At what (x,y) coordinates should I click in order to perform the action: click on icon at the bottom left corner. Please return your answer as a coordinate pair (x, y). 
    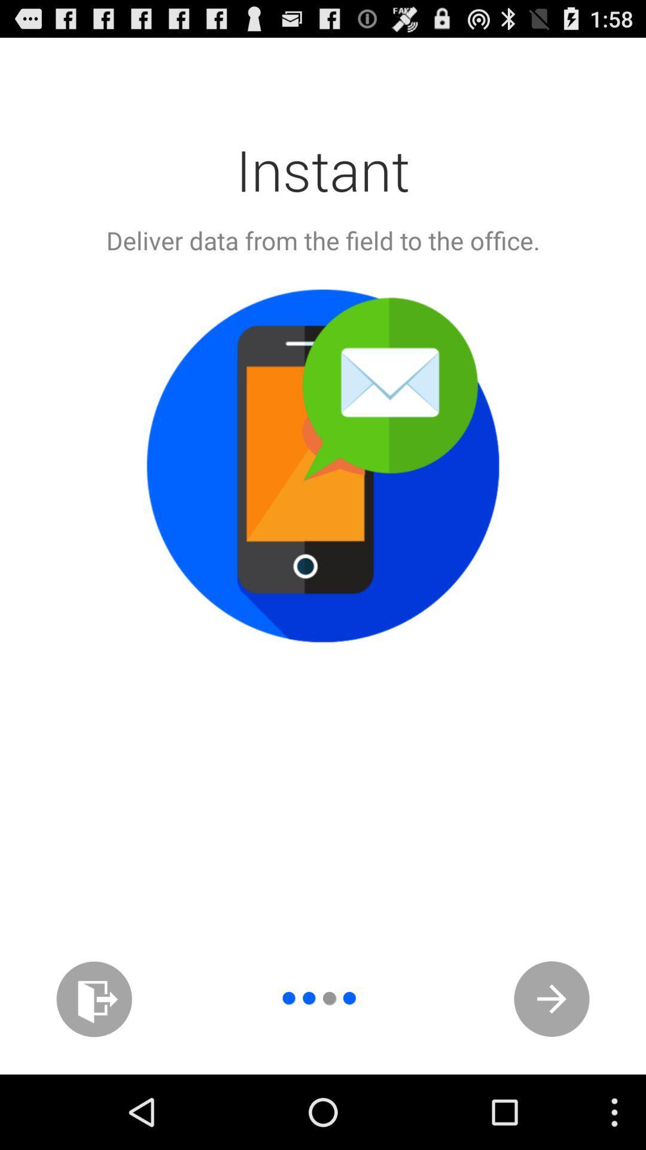
    Looking at the image, I should click on (93, 999).